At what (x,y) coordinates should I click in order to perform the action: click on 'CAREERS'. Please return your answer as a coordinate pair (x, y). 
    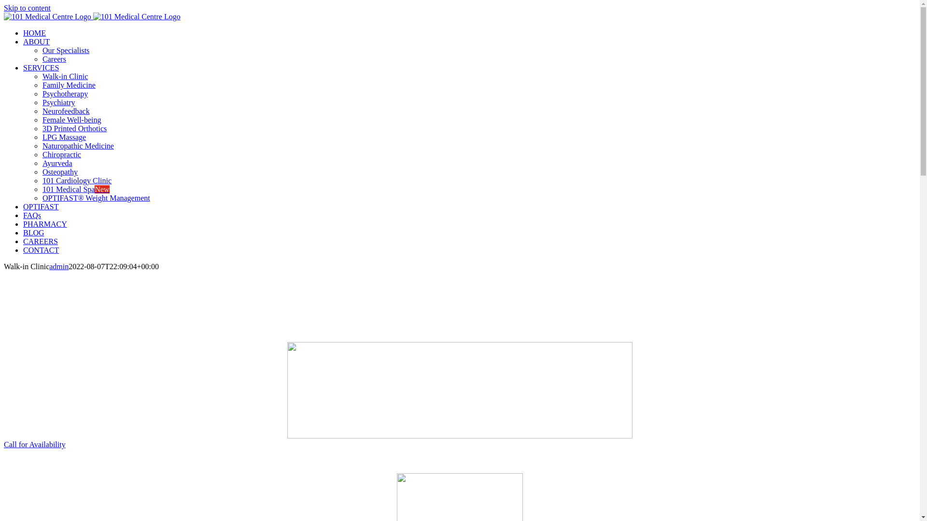
    Looking at the image, I should click on (40, 241).